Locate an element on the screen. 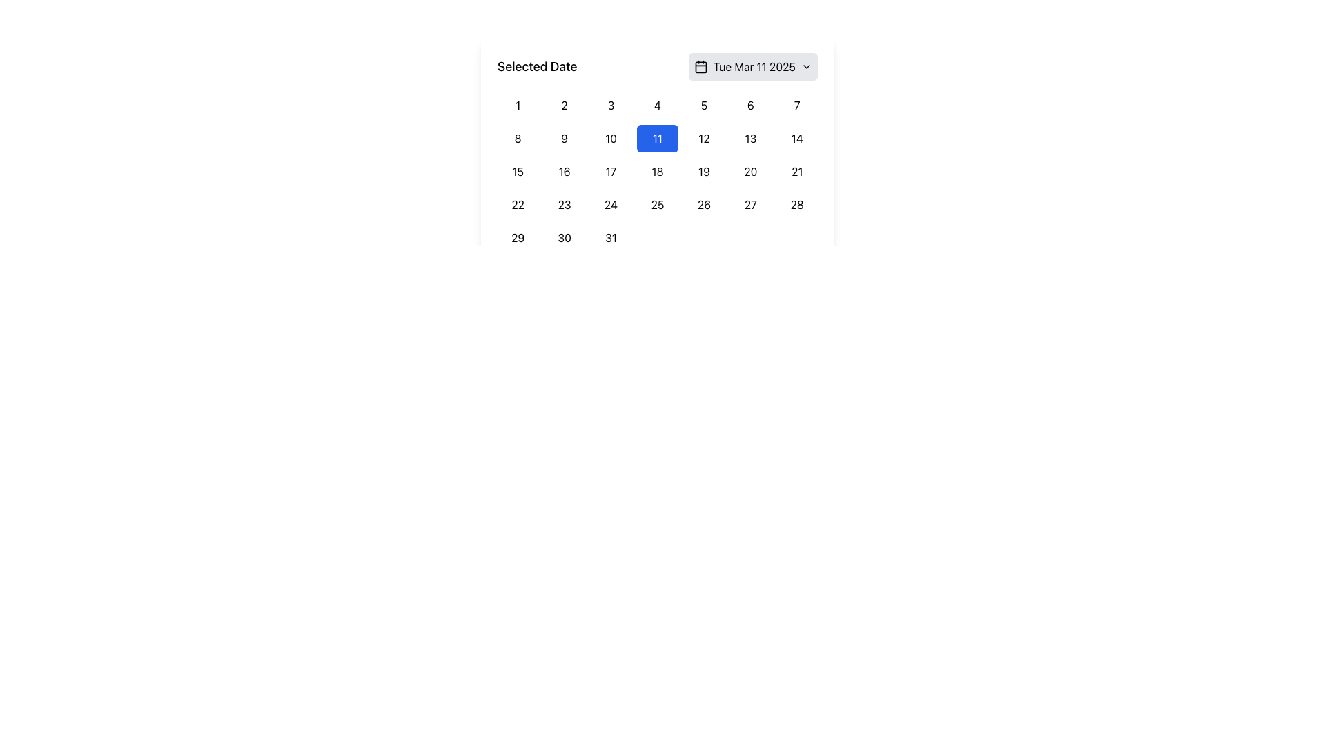 Image resolution: width=1325 pixels, height=745 pixels. the calendar date cell displaying the text '26' is located at coordinates (704, 205).